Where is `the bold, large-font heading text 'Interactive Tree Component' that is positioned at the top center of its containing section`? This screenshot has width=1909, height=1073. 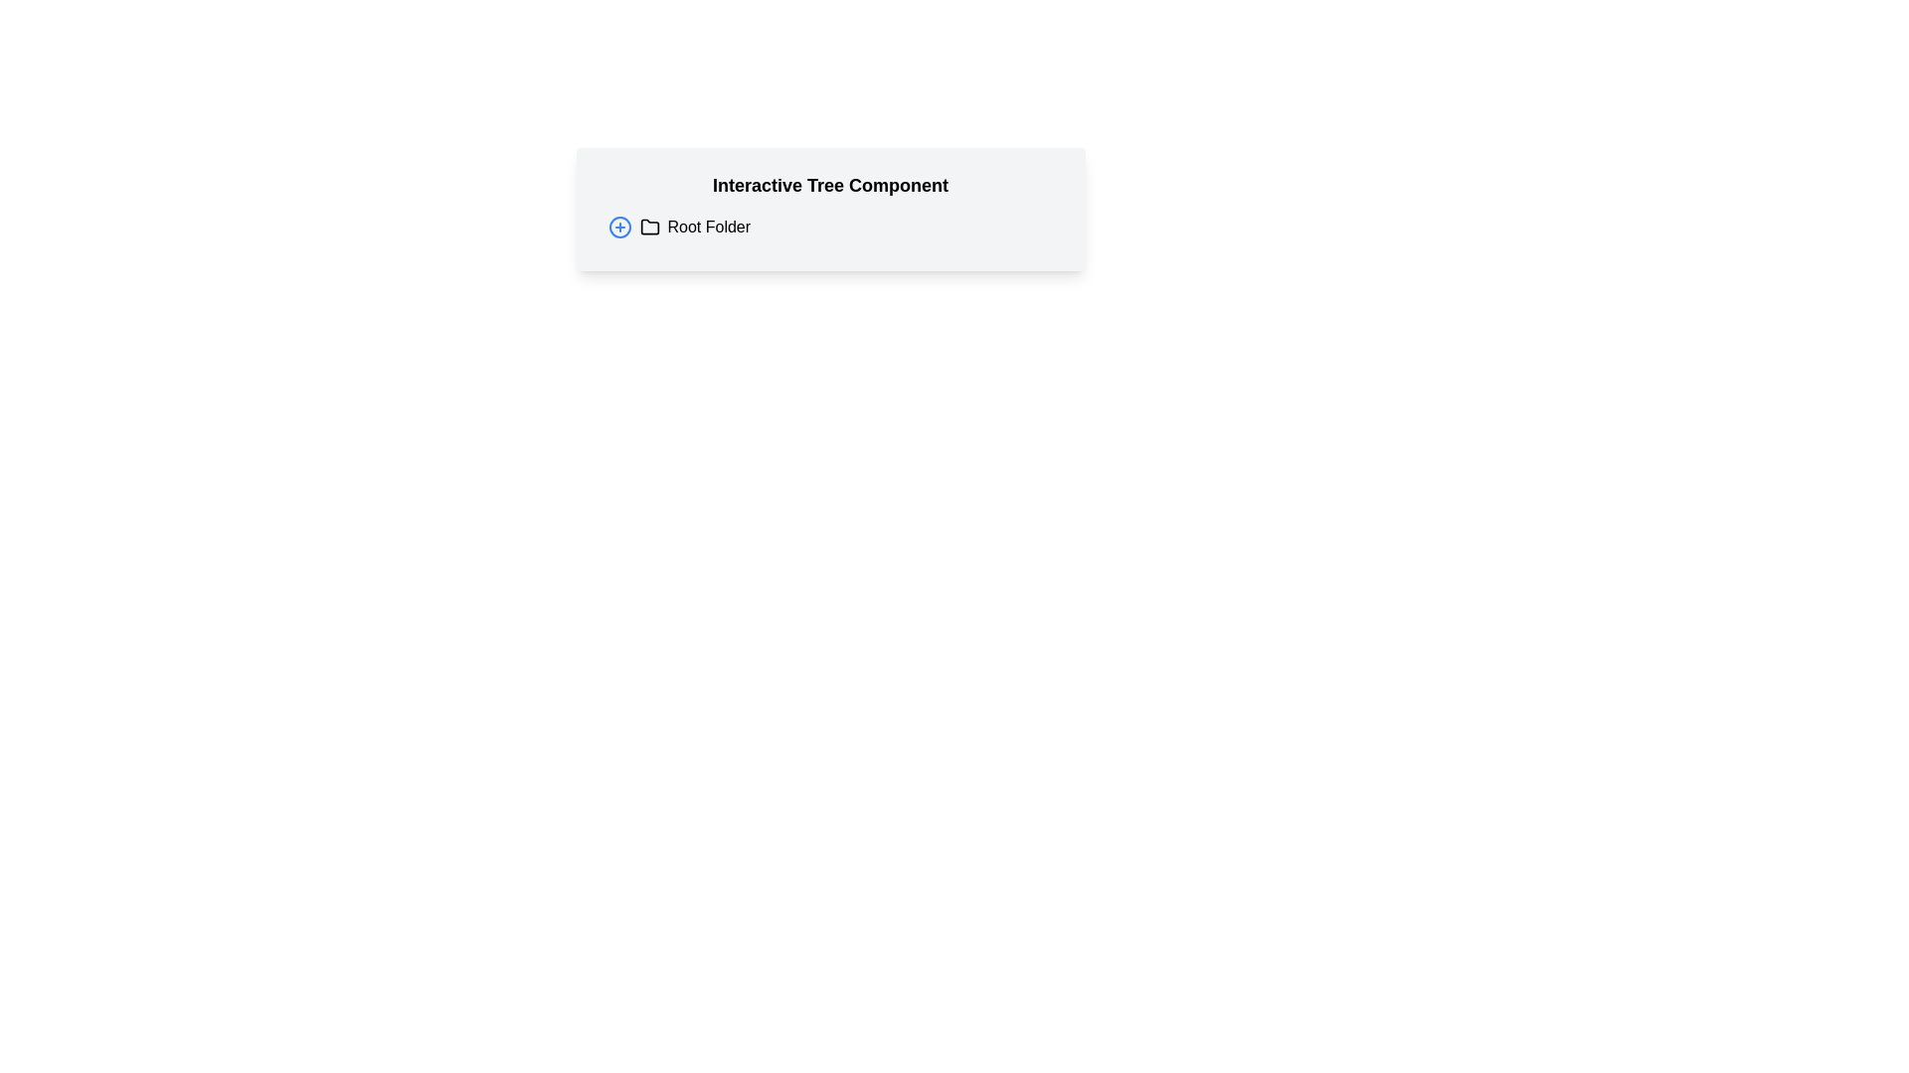
the bold, large-font heading text 'Interactive Tree Component' that is positioned at the top center of its containing section is located at coordinates (830, 185).